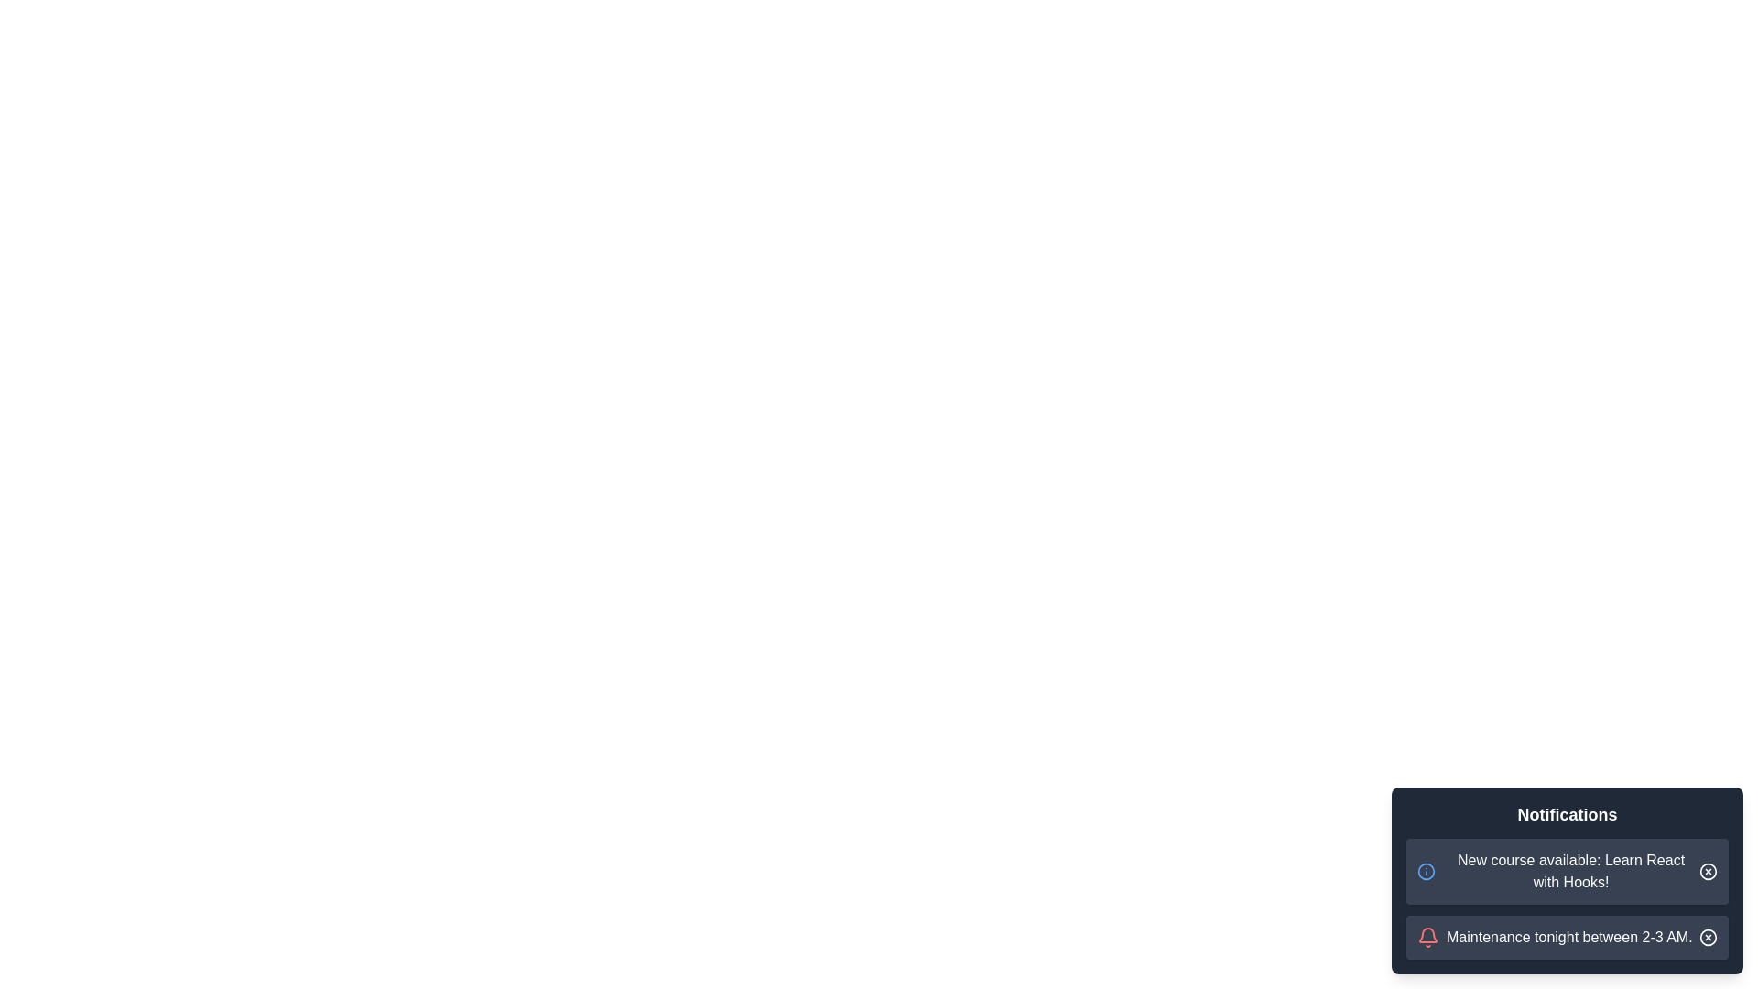 The height and width of the screenshot is (989, 1758). Describe the element at coordinates (1567, 871) in the screenshot. I see `the notification item to trigger the hover effect` at that location.